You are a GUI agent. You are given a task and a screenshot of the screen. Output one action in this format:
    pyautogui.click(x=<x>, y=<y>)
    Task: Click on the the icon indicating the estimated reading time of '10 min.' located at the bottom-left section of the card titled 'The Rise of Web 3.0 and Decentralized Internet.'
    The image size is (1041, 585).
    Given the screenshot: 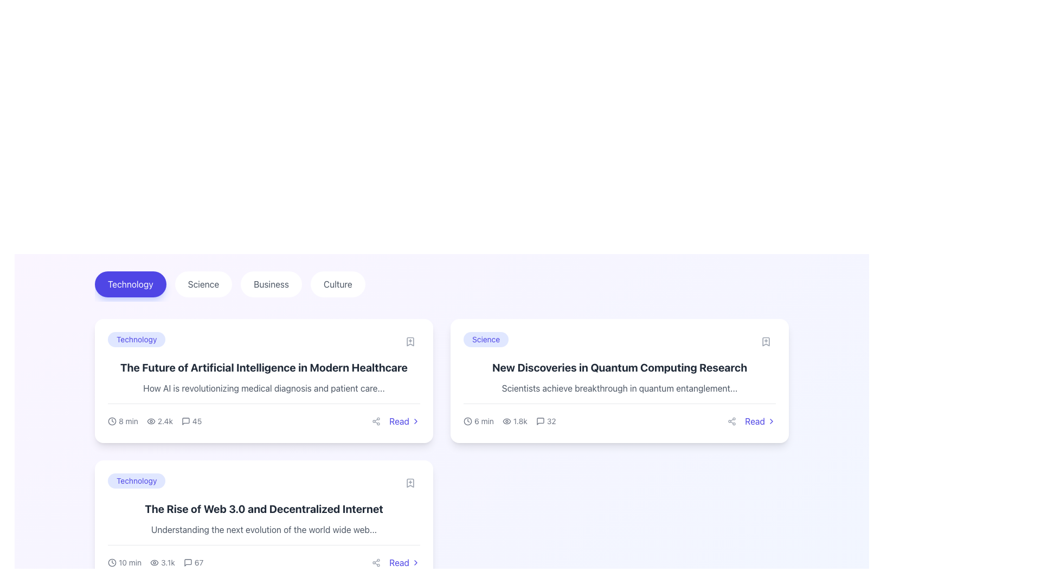 What is the action you would take?
    pyautogui.click(x=112, y=562)
    